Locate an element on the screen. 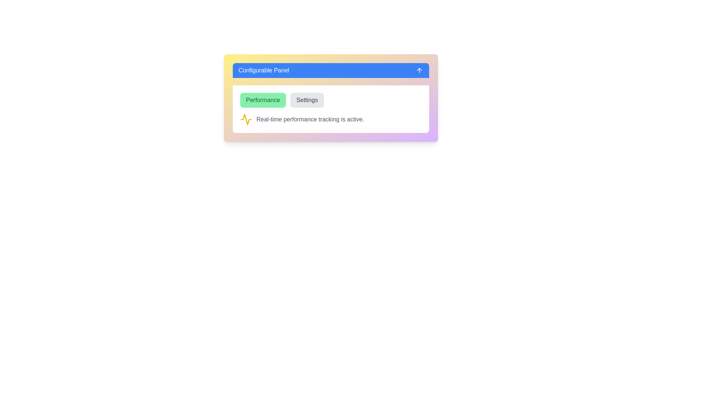 The image size is (714, 401). the yellow square icon below the 'Performance' button is located at coordinates (246, 119).